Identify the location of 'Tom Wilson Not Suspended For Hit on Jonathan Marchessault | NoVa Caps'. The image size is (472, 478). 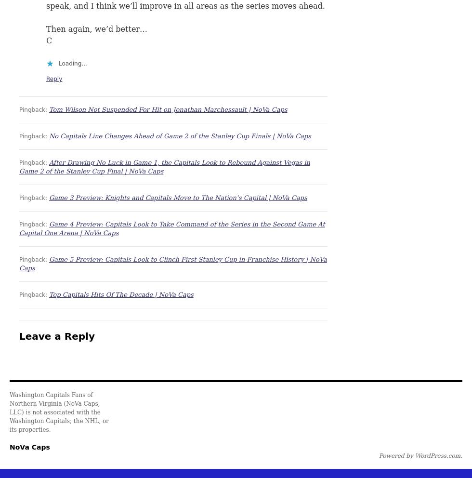
(168, 109).